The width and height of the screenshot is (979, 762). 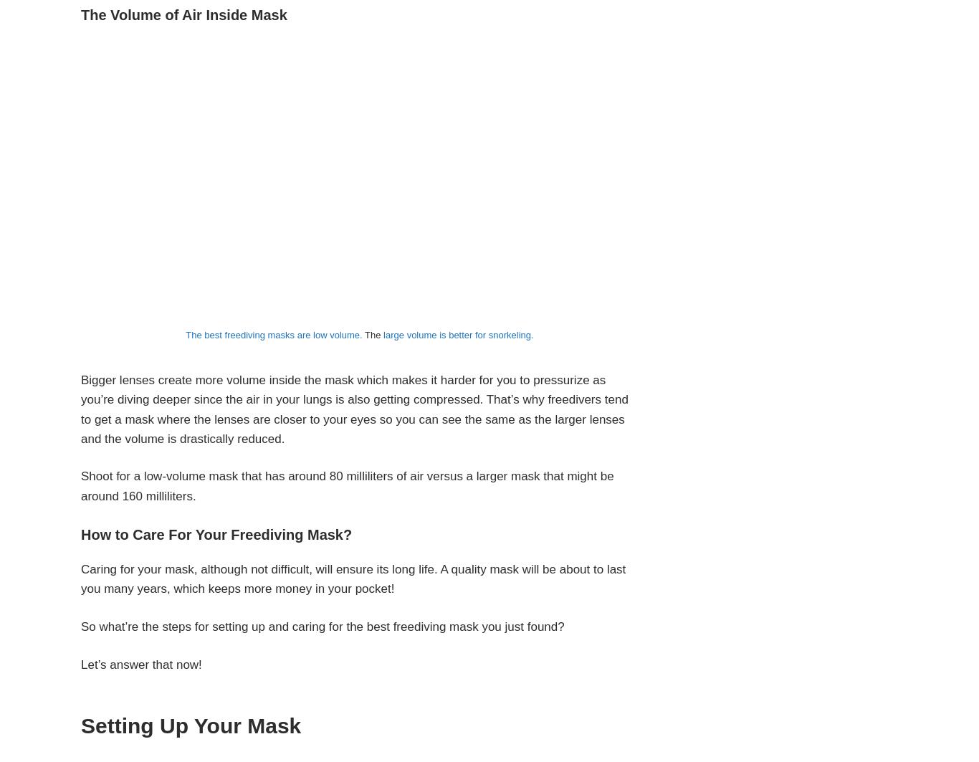 I want to click on 'Shoot for a low-volume mask that has around 80 milliliters of air versus a larger mask that might be around 160 milliliters.', so click(x=347, y=485).